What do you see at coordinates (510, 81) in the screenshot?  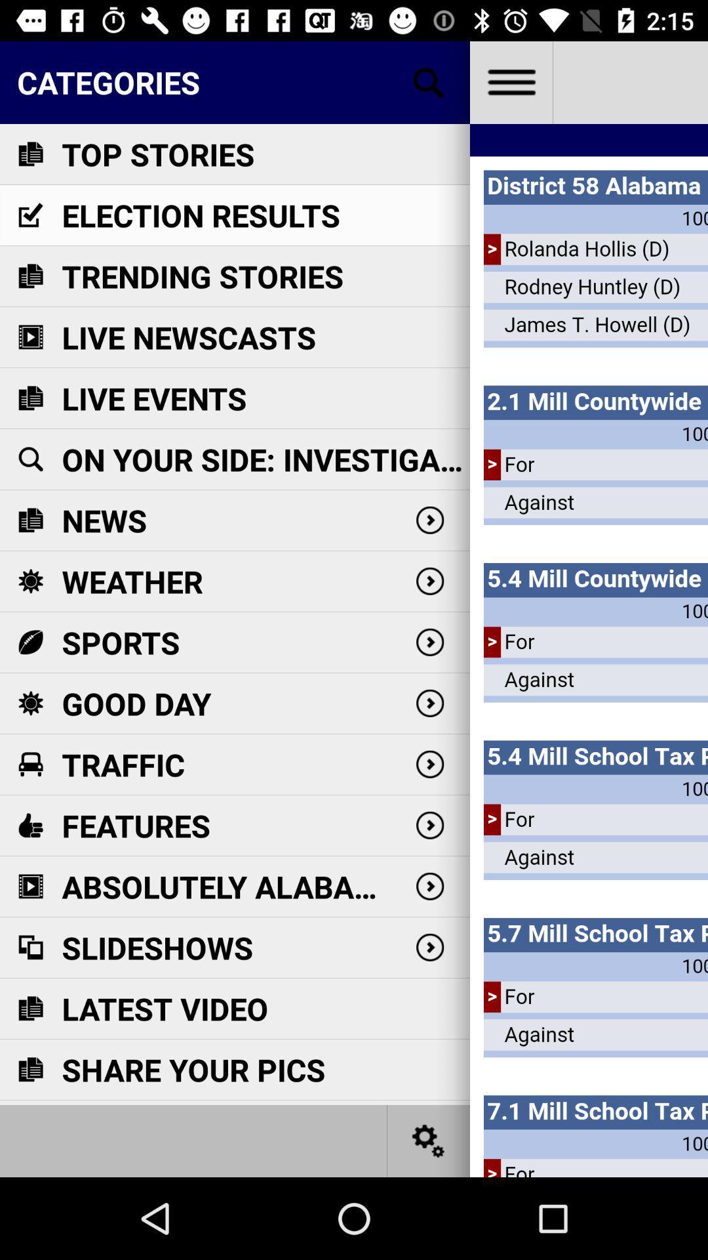 I see `go settings` at bounding box center [510, 81].